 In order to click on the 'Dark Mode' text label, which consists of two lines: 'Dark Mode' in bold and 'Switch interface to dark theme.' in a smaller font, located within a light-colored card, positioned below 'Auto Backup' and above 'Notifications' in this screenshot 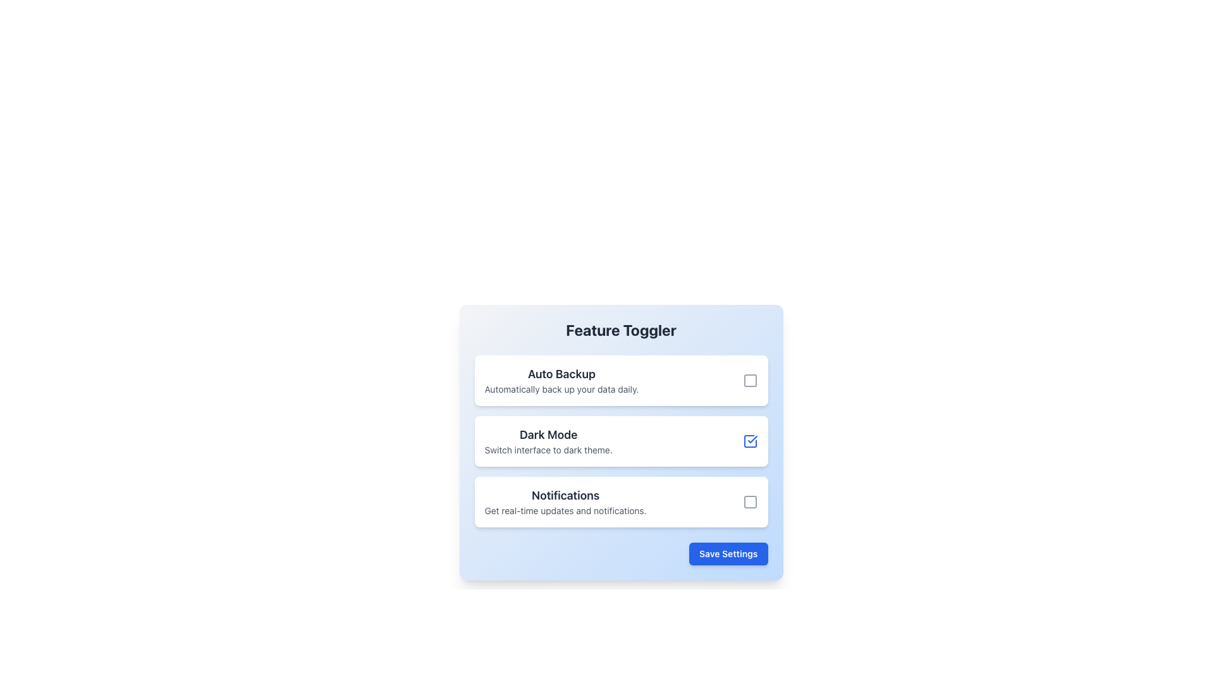, I will do `click(548, 441)`.